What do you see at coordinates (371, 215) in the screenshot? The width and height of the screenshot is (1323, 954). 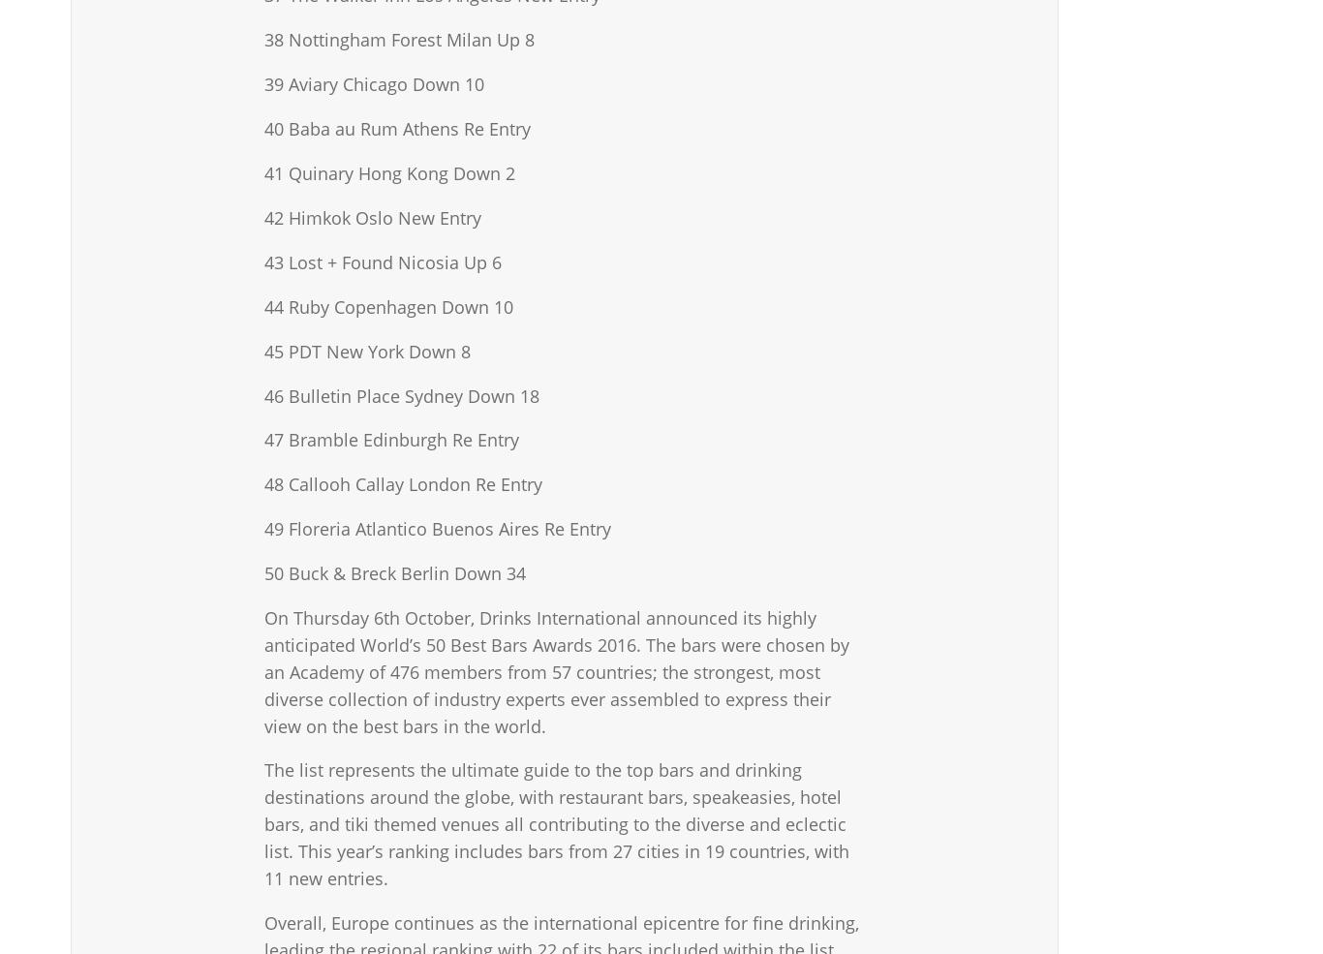 I see `'42	Himkok	Oslo	New Entry'` at bounding box center [371, 215].